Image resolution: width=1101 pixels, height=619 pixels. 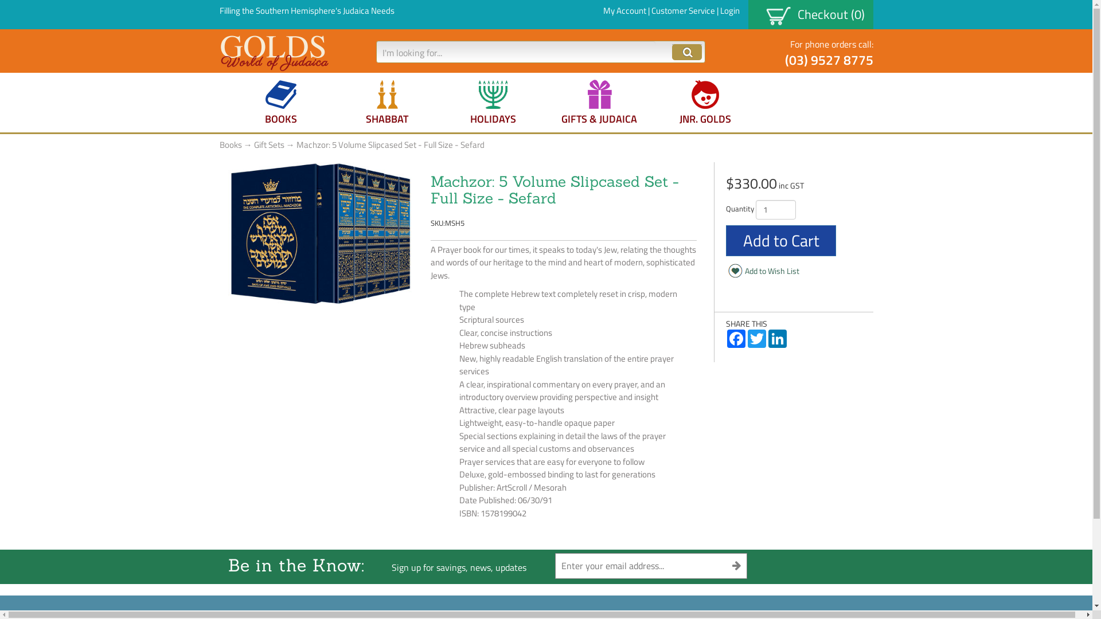 I want to click on 'Twitter', so click(x=757, y=338).